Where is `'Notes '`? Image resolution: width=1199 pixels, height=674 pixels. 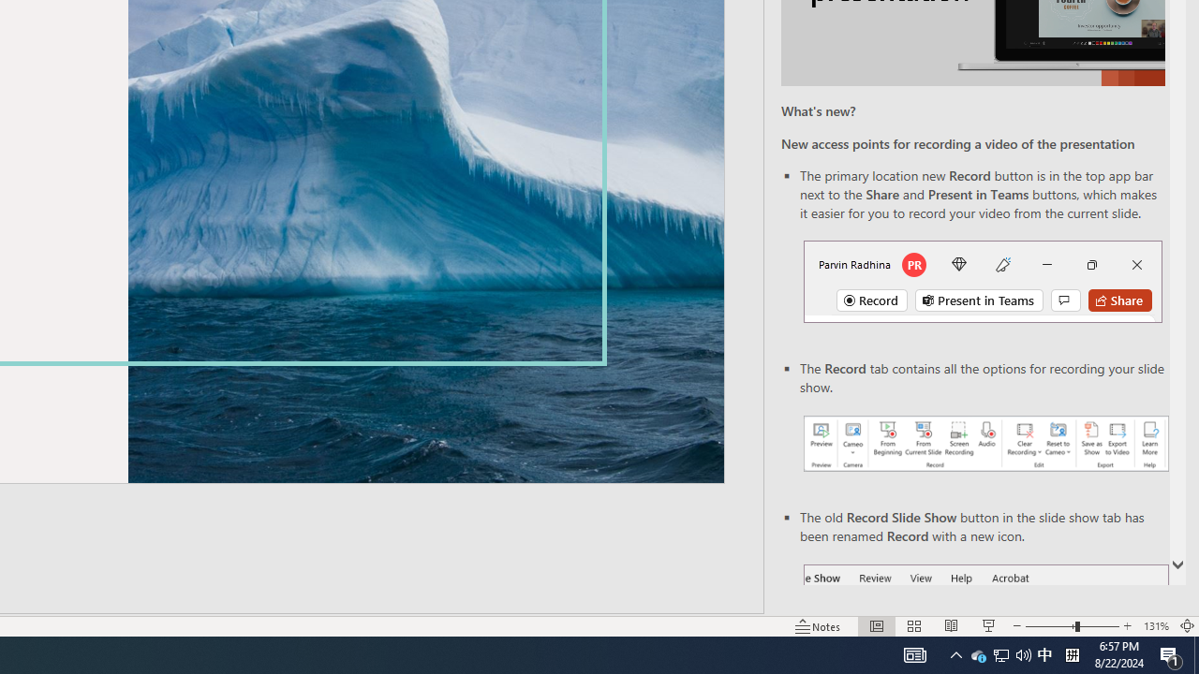 'Notes ' is located at coordinates (819, 626).